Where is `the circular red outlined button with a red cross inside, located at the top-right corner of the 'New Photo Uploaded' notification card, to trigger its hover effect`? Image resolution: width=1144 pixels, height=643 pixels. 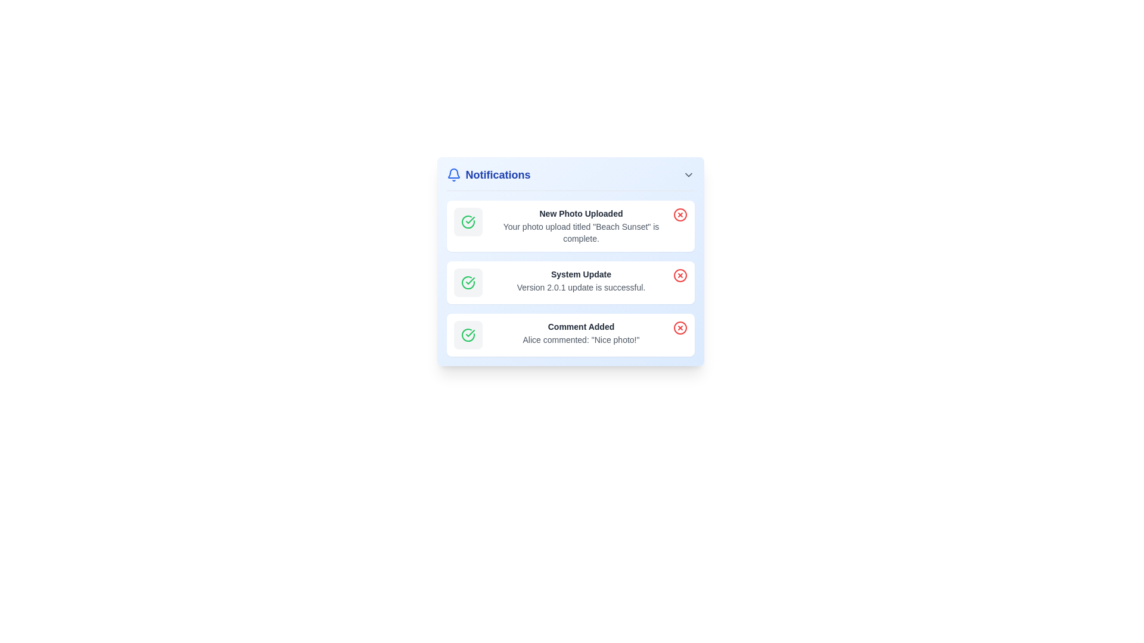 the circular red outlined button with a red cross inside, located at the top-right corner of the 'New Photo Uploaded' notification card, to trigger its hover effect is located at coordinates (680, 215).